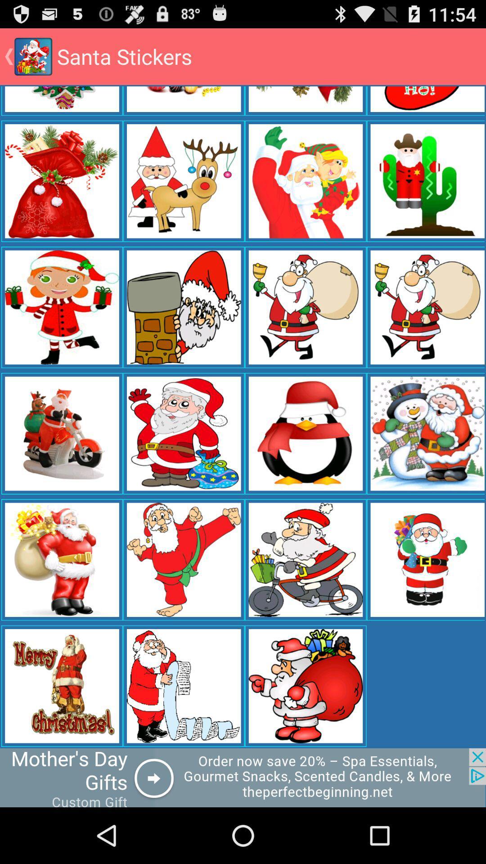 Image resolution: width=486 pixels, height=864 pixels. Describe the element at coordinates (425, 559) in the screenshot. I see `from the 5th column last pic` at that location.